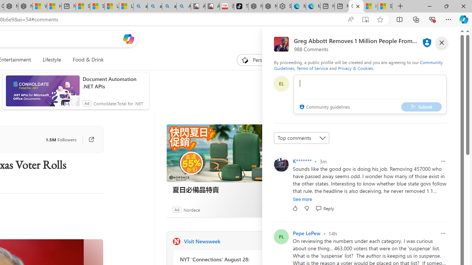 The width and height of the screenshot is (472, 265). I want to click on 'K*******', so click(302, 160).